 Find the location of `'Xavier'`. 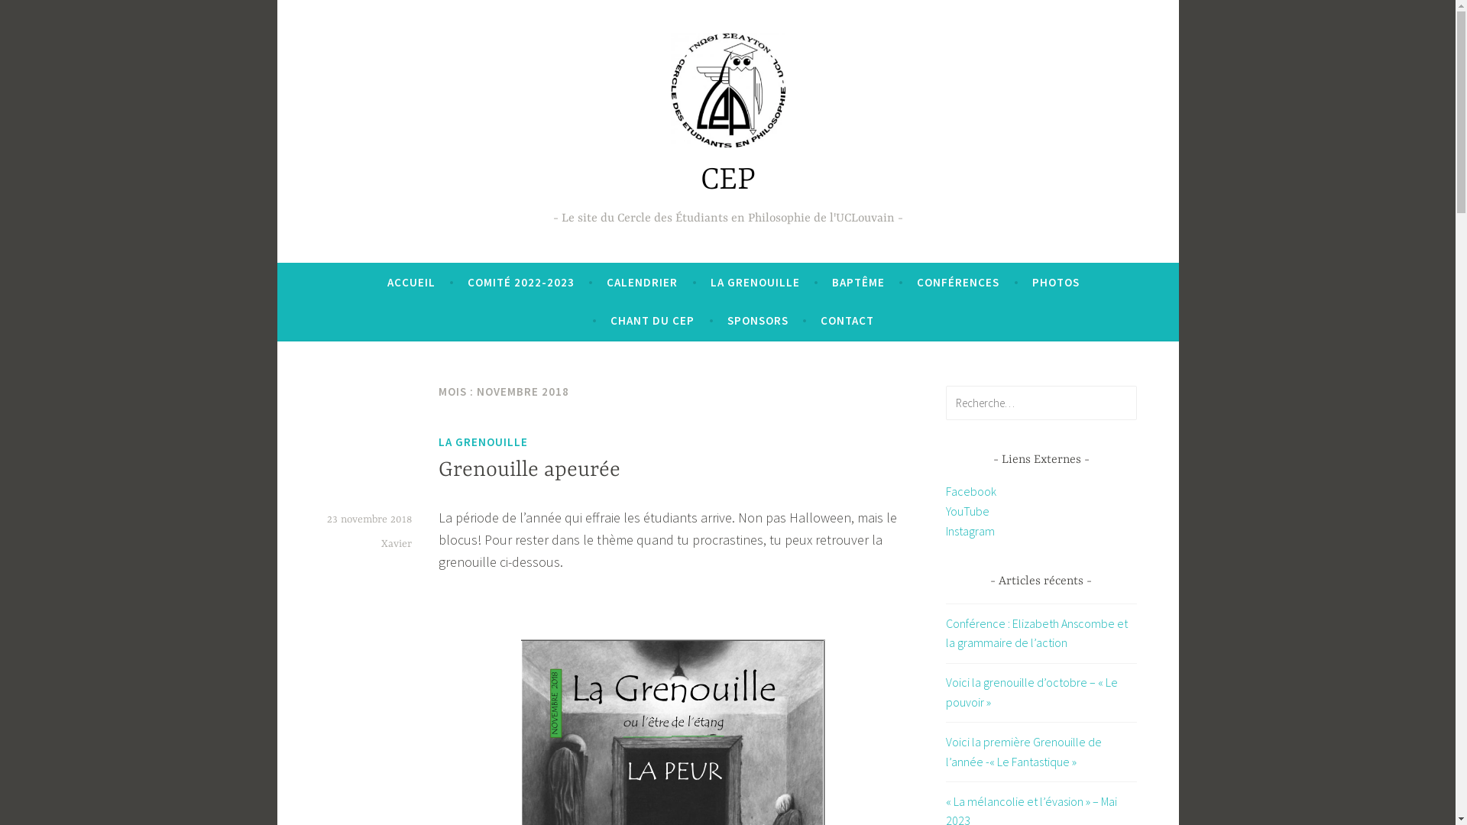

'Xavier' is located at coordinates (396, 543).